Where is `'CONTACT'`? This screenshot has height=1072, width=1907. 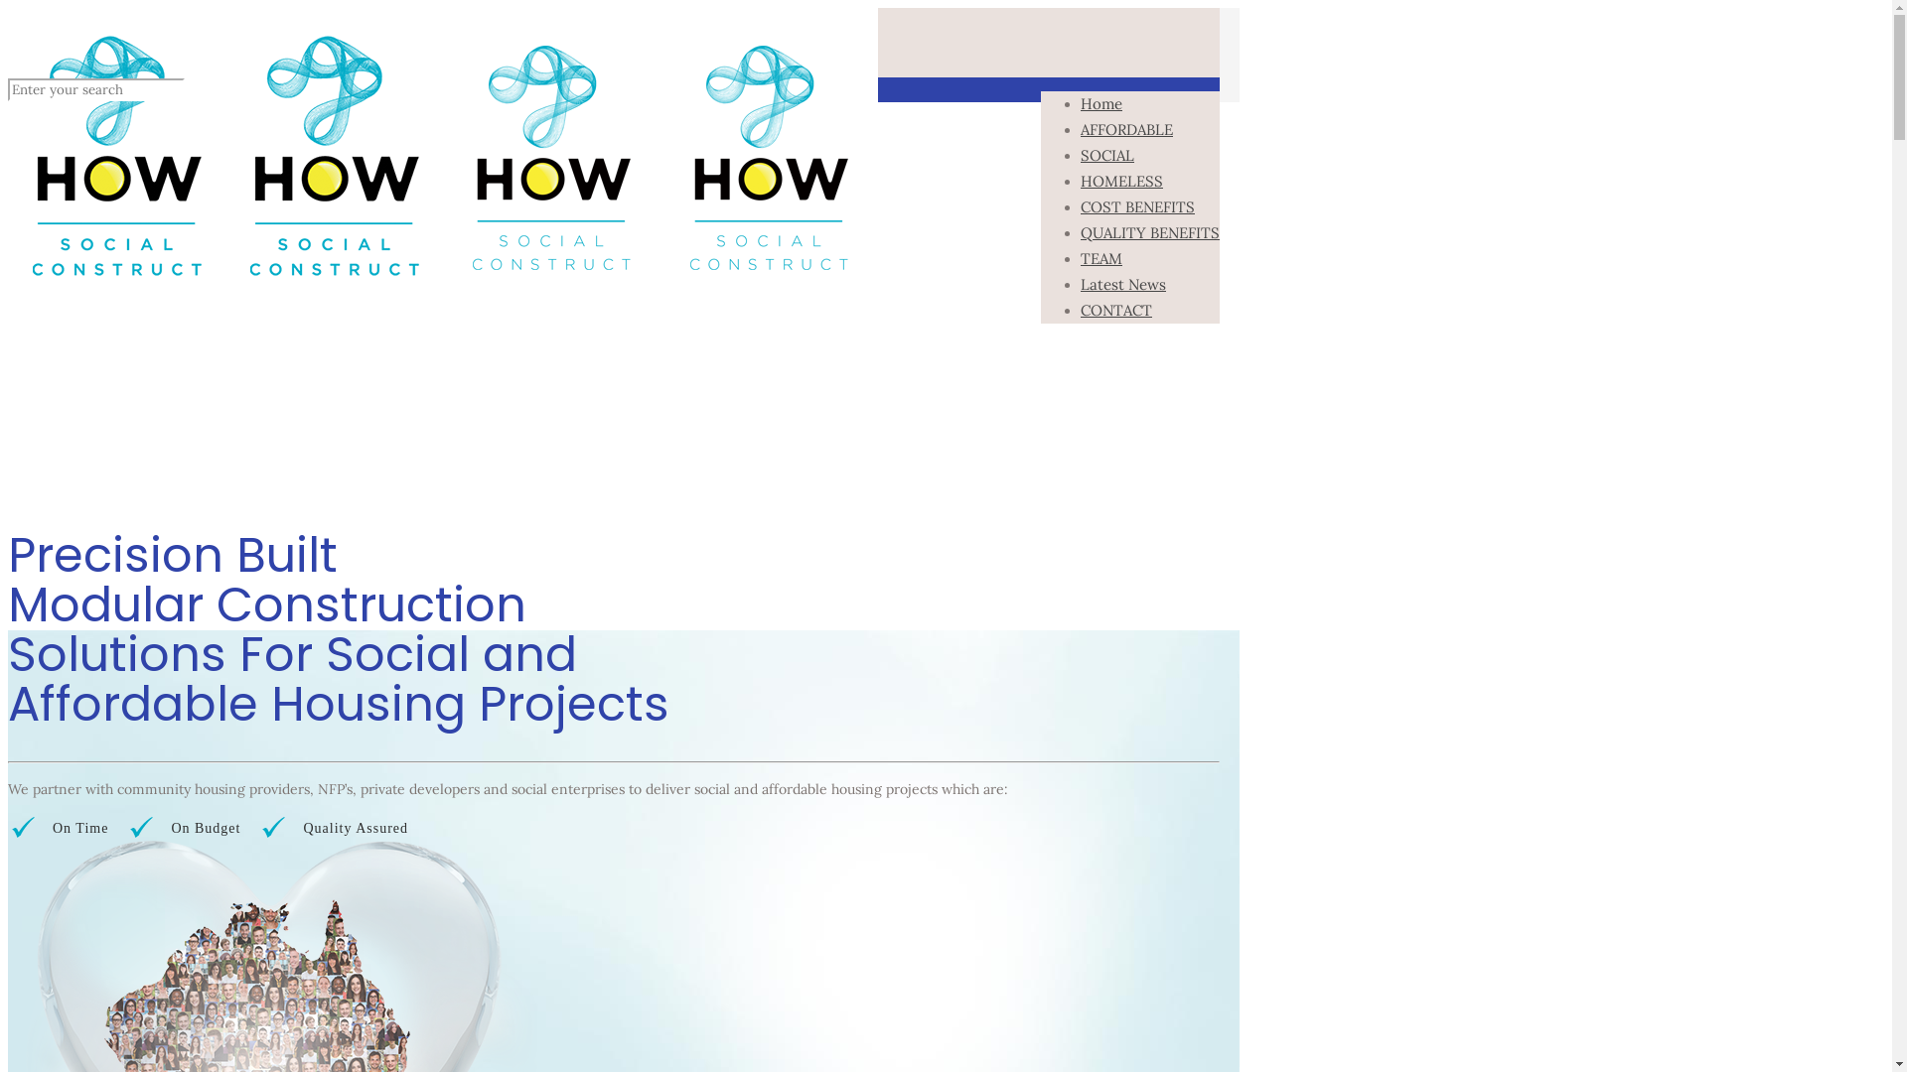 'CONTACT' is located at coordinates (1080, 310).